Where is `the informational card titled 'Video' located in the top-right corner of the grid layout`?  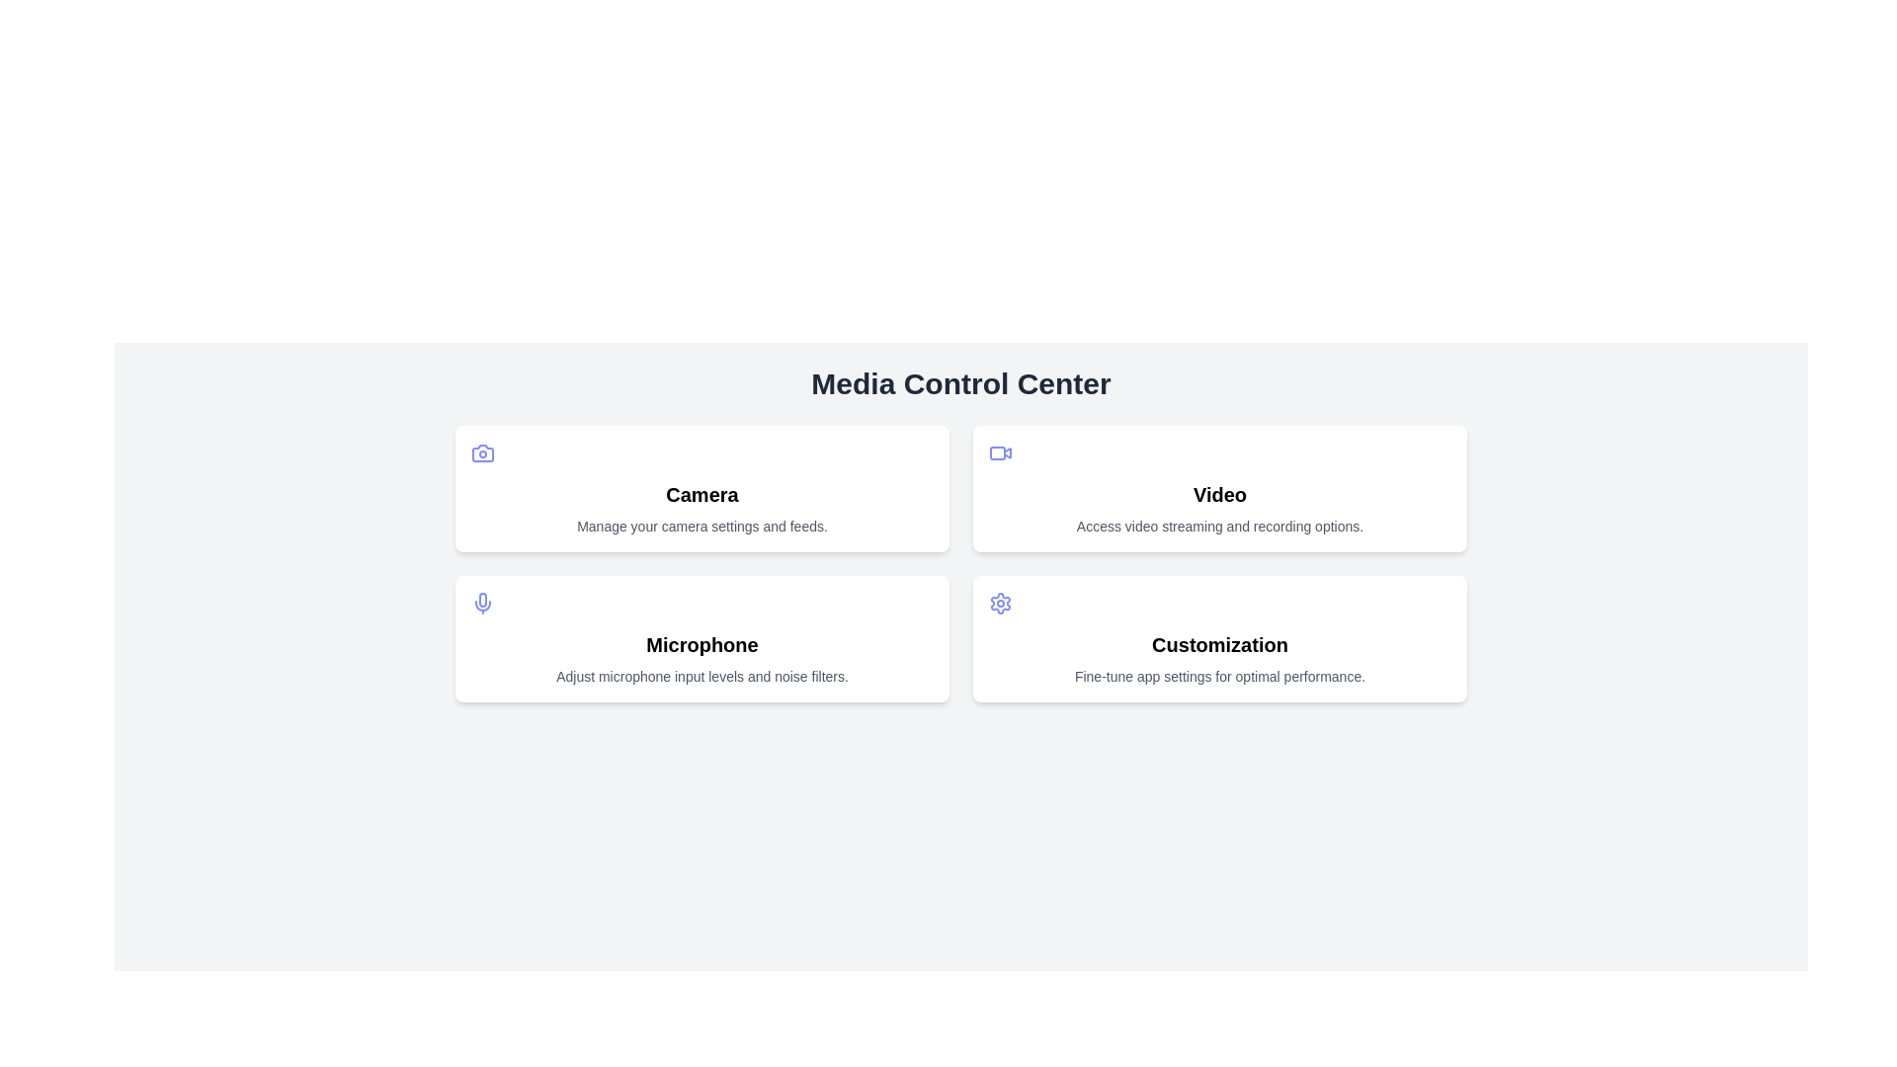
the informational card titled 'Video' located in the top-right corner of the grid layout is located at coordinates (1218, 488).